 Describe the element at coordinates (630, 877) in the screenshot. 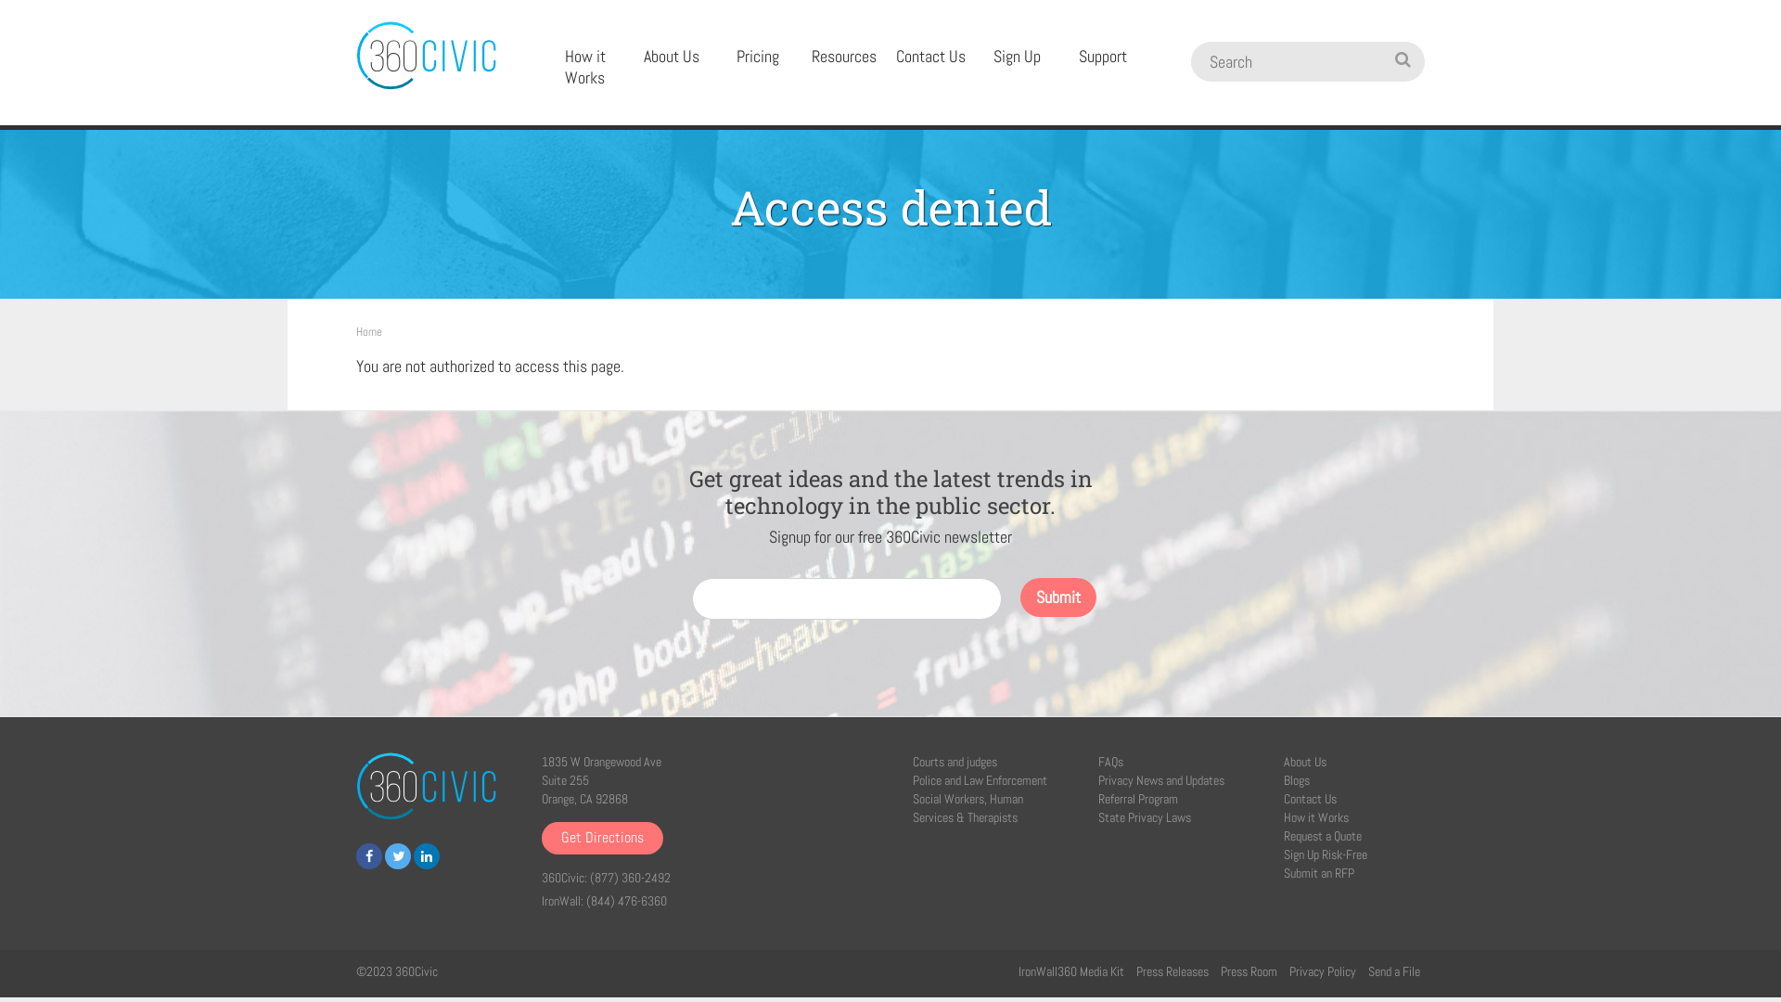

I see `'(877) 360-2492'` at that location.